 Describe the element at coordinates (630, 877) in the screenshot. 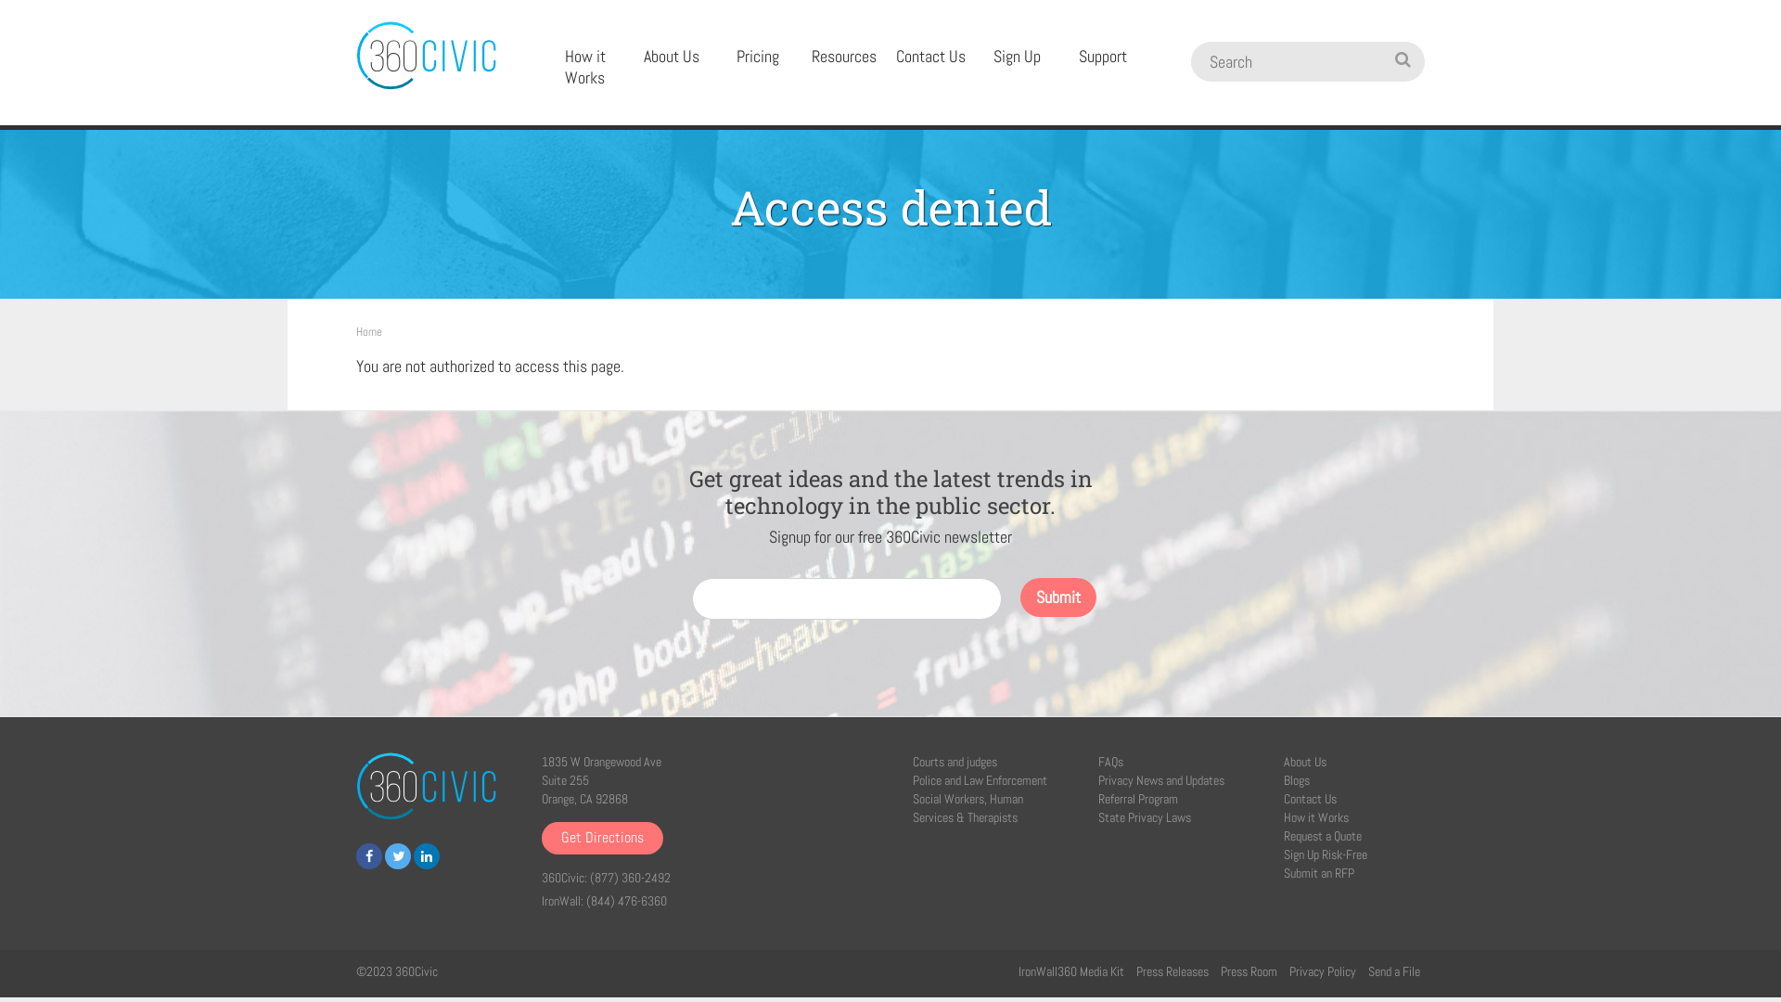

I see `'(877) 360-2492'` at that location.